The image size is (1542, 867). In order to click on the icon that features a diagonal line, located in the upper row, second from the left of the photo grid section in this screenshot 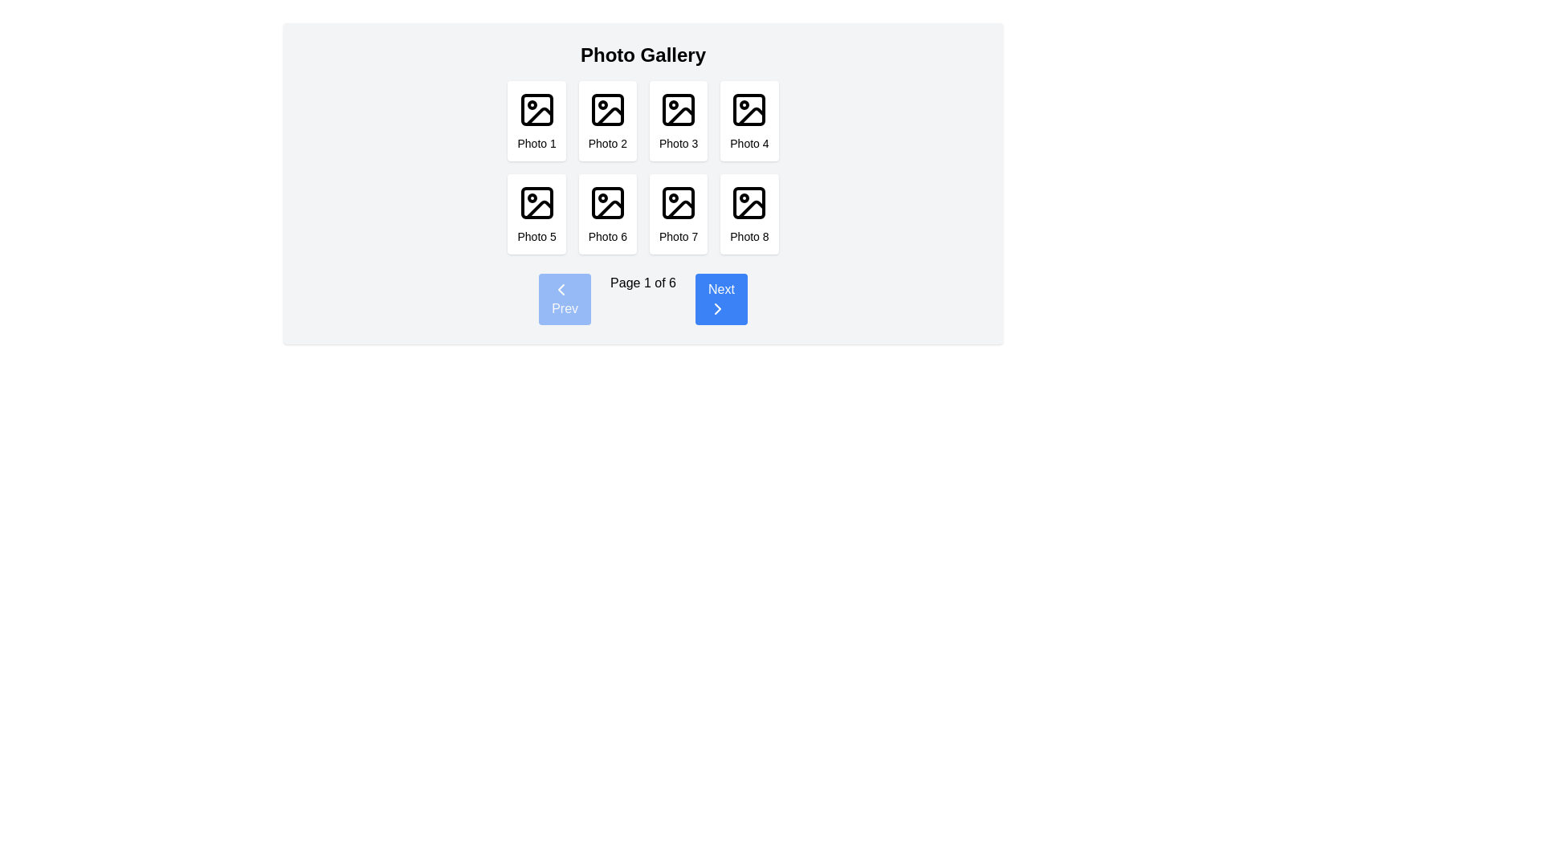, I will do `click(609, 116)`.